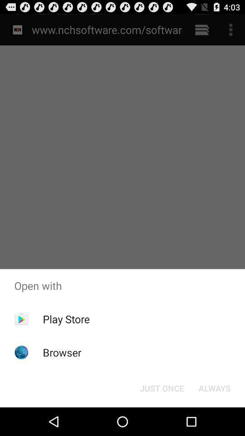 Image resolution: width=245 pixels, height=436 pixels. I want to click on the browser icon, so click(62, 352).